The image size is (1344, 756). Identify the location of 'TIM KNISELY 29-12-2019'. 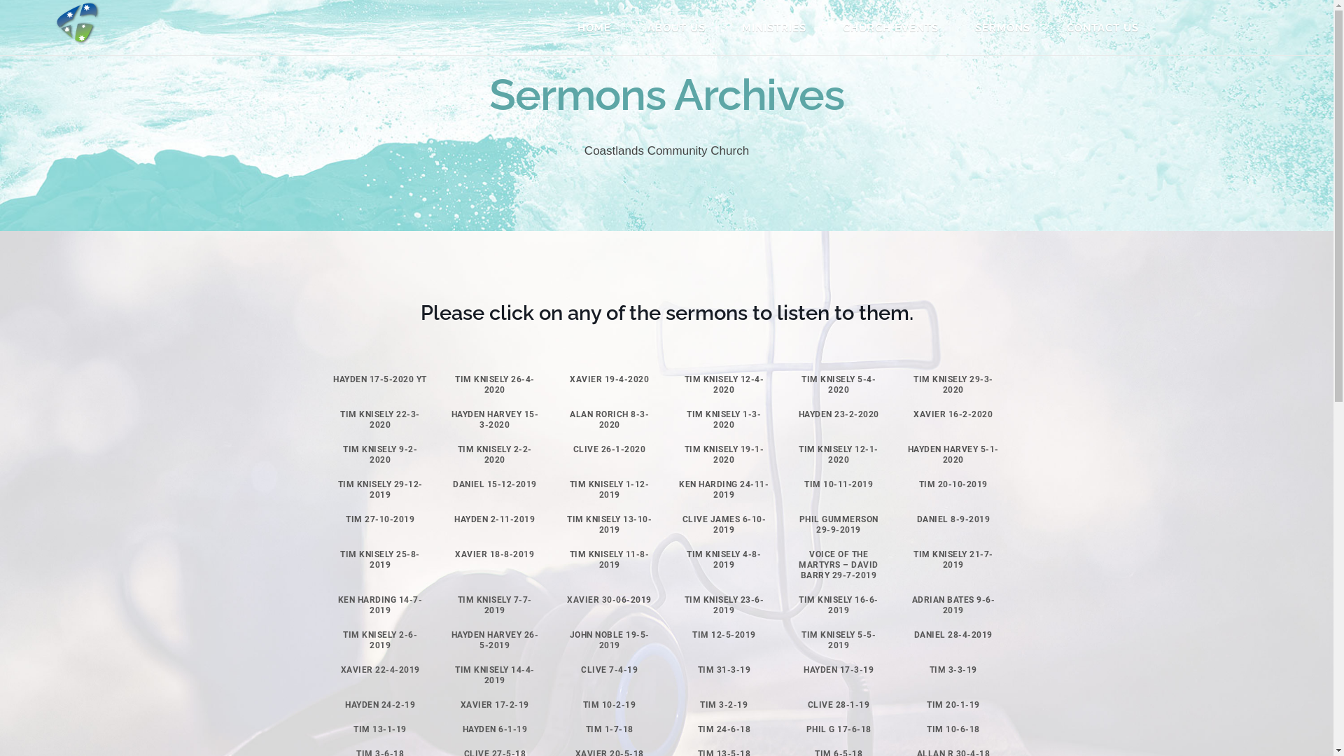
(338, 489).